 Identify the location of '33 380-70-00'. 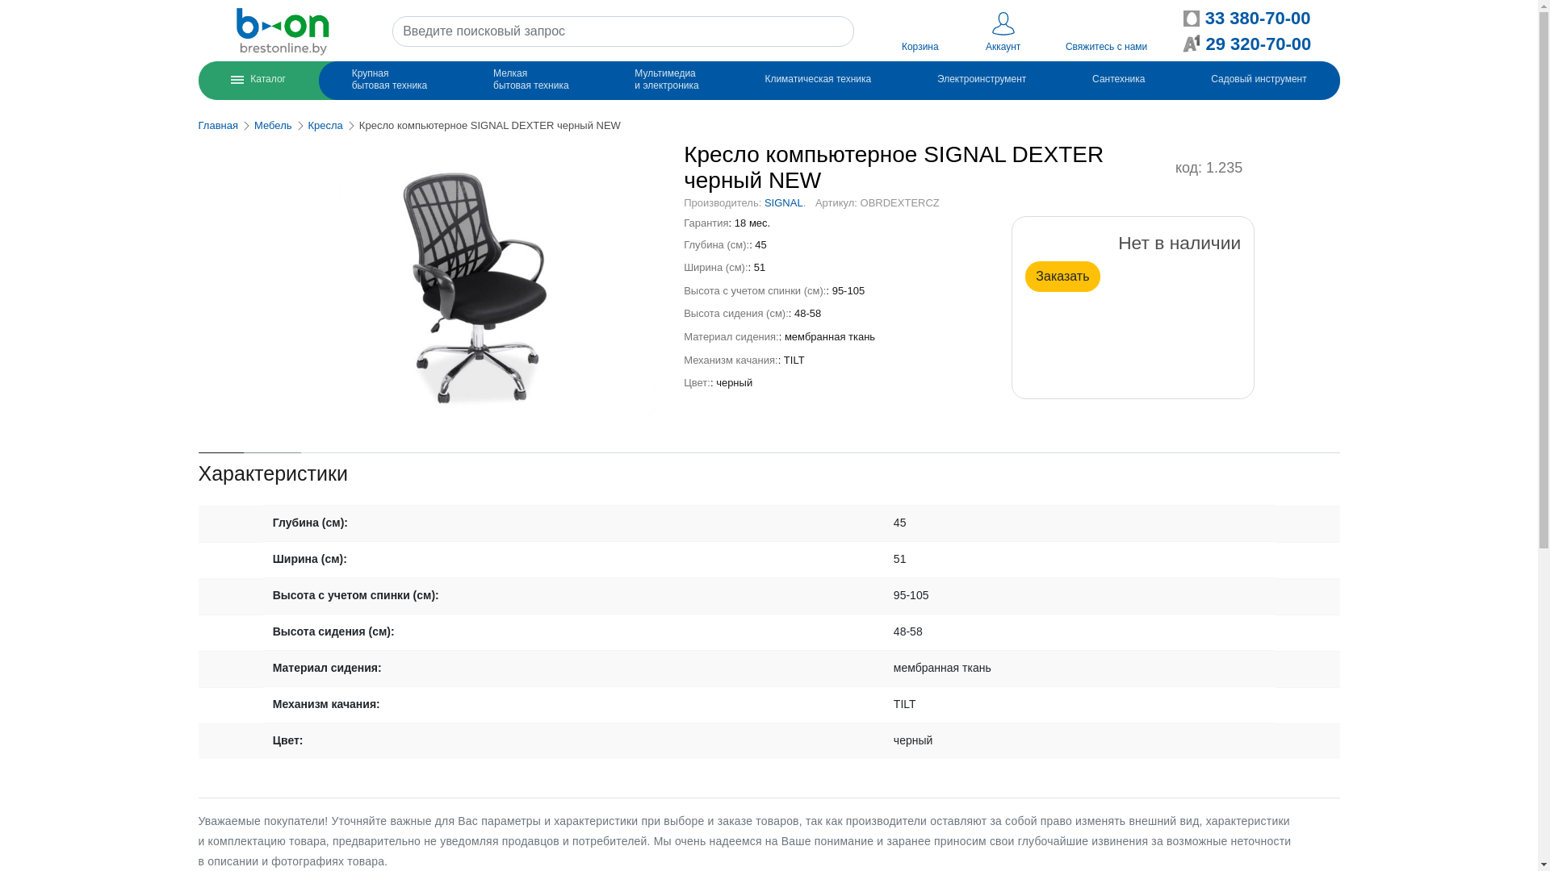
(1183, 18).